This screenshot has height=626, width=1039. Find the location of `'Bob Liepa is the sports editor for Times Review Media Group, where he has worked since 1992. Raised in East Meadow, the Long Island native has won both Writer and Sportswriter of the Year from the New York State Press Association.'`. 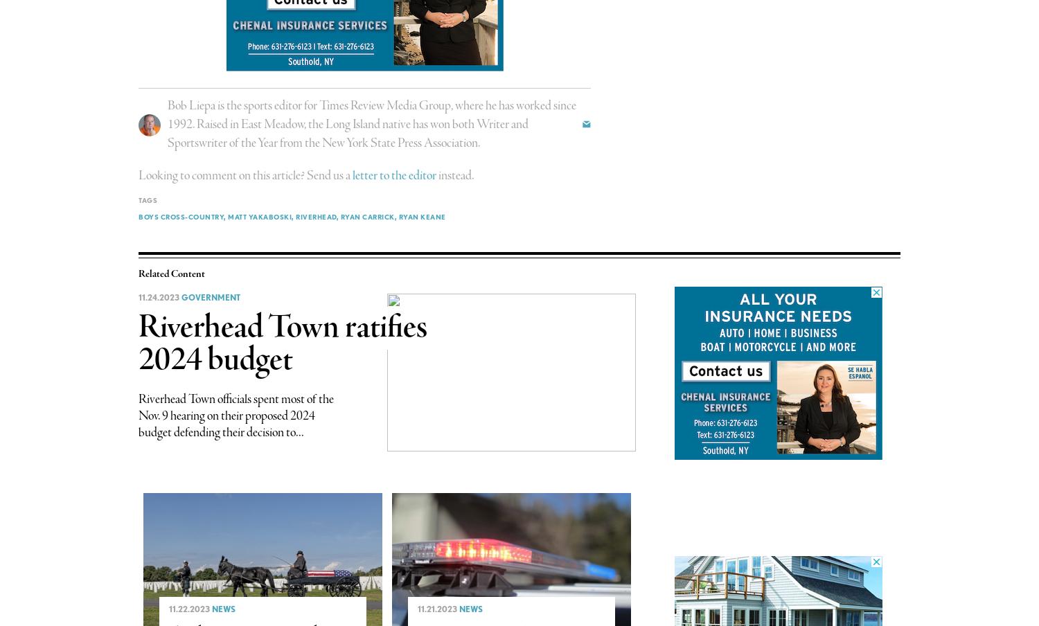

'Bob Liepa is the sports editor for Times Review Media Group, where he has worked since 1992. Raised in East Meadow, the Long Island native has won both Writer and Sportswriter of the Year from the New York State Press Association.' is located at coordinates (372, 124).